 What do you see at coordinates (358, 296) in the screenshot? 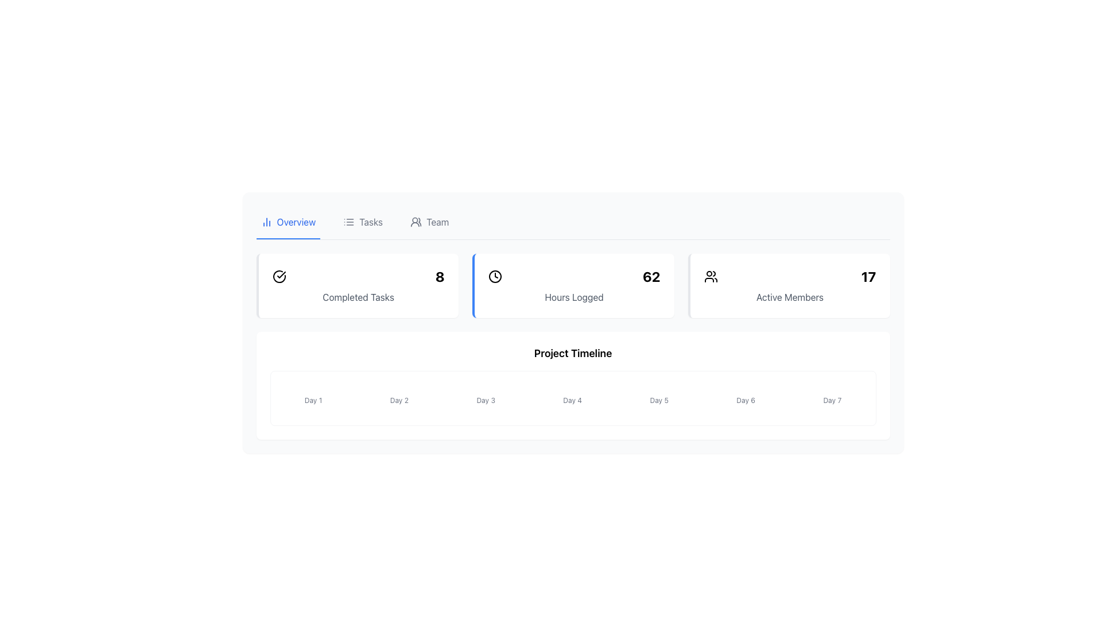
I see `the descriptive label located beneath the large number '8' within the rectangular card that has a green left border` at bounding box center [358, 296].